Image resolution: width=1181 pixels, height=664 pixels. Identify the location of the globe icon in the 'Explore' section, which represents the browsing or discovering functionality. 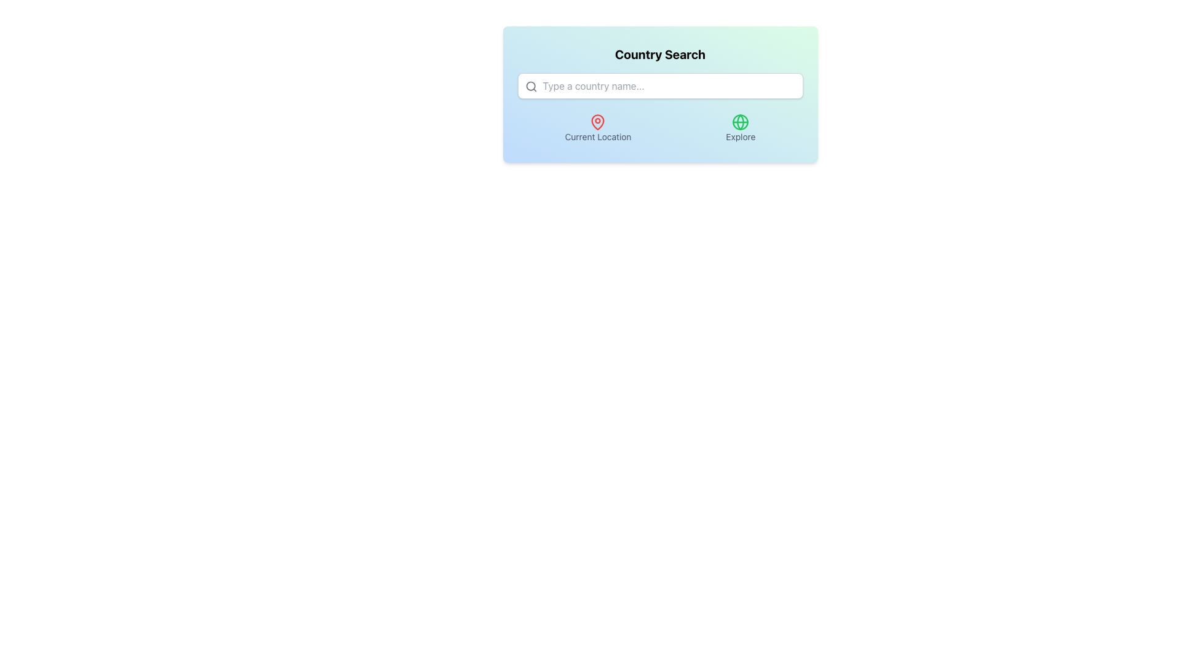
(740, 122).